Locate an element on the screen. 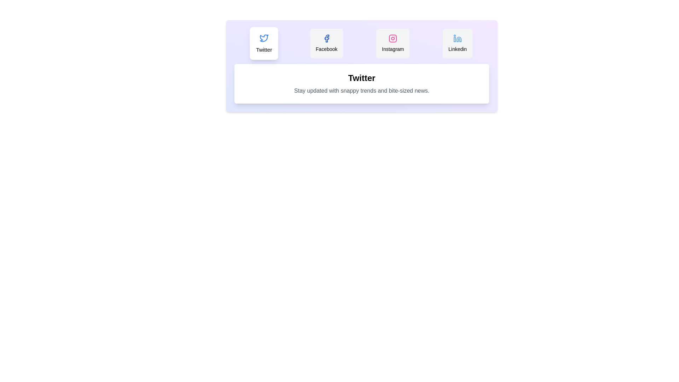  the Linkedin tab by clicking on its respective button is located at coordinates (458, 44).